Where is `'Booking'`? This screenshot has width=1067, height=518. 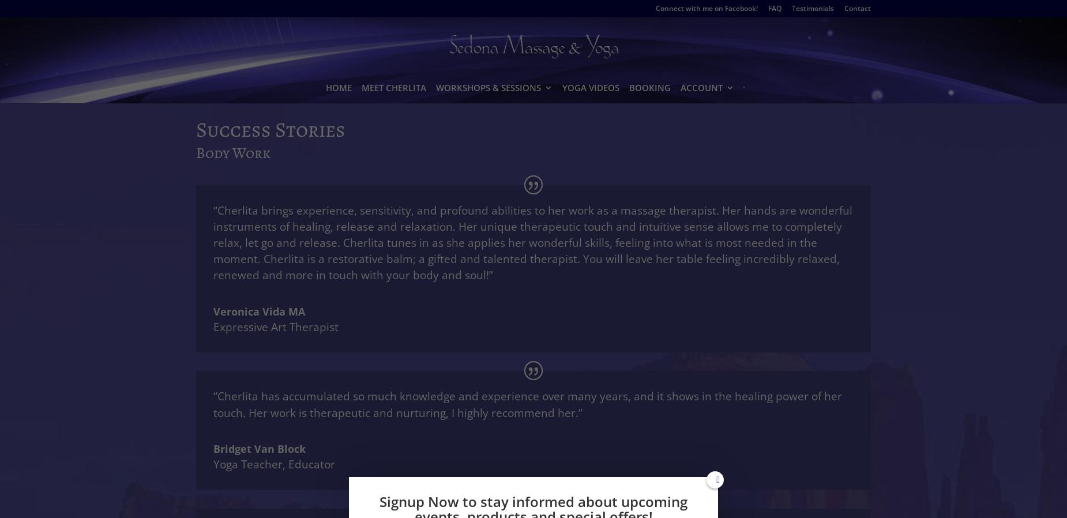
'Booking' is located at coordinates (649, 87).